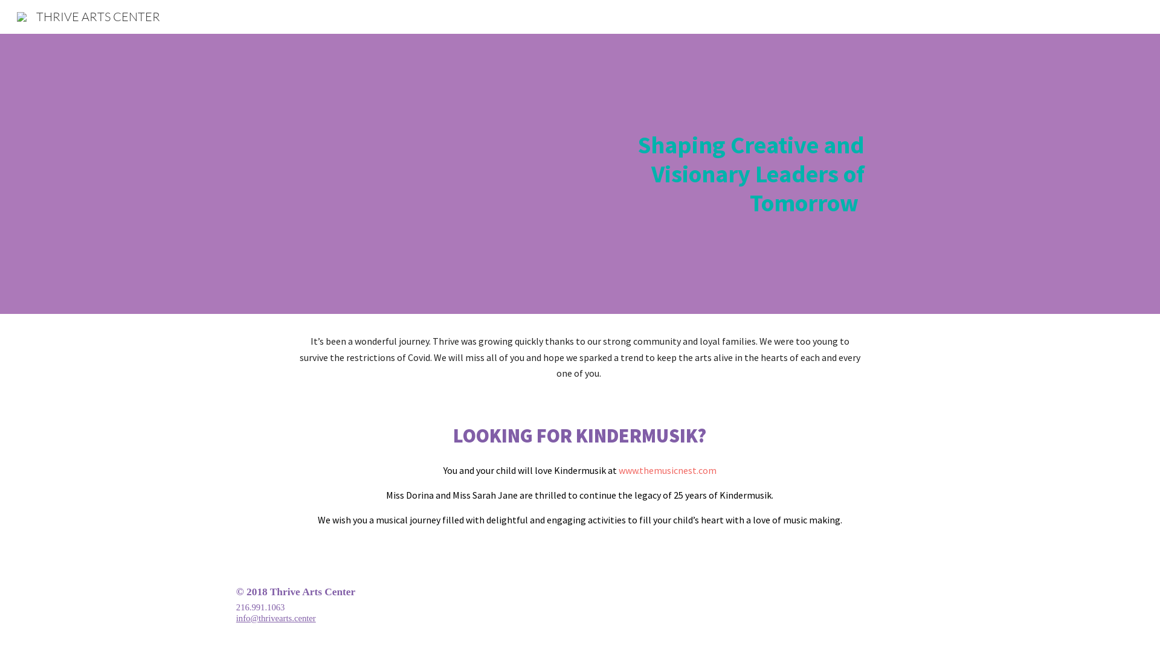 This screenshot has width=1160, height=652. I want to click on 'www.themusicnest.com', so click(666, 470).